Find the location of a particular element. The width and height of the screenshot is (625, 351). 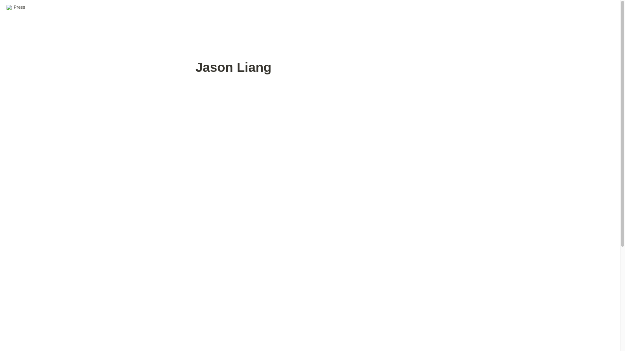

'Press' is located at coordinates (16, 7).